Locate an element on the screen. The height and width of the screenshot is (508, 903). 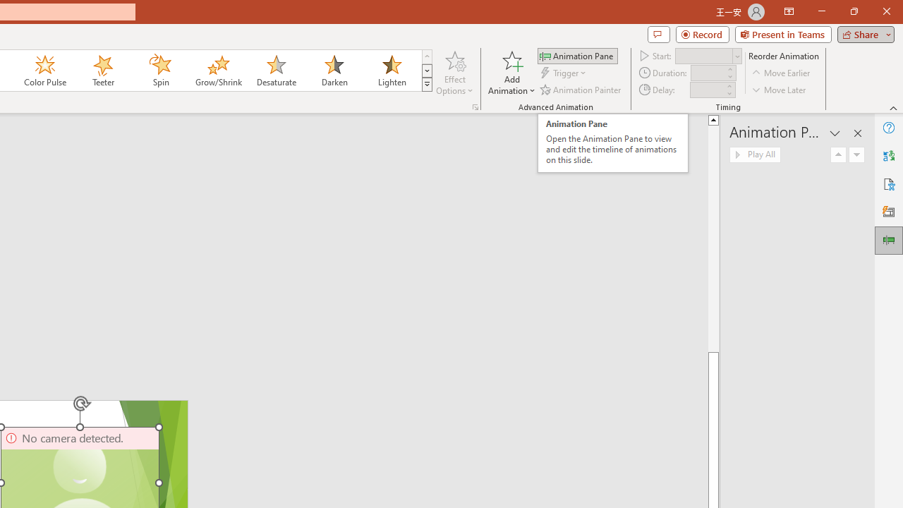
'Animation Painter' is located at coordinates (581, 90).